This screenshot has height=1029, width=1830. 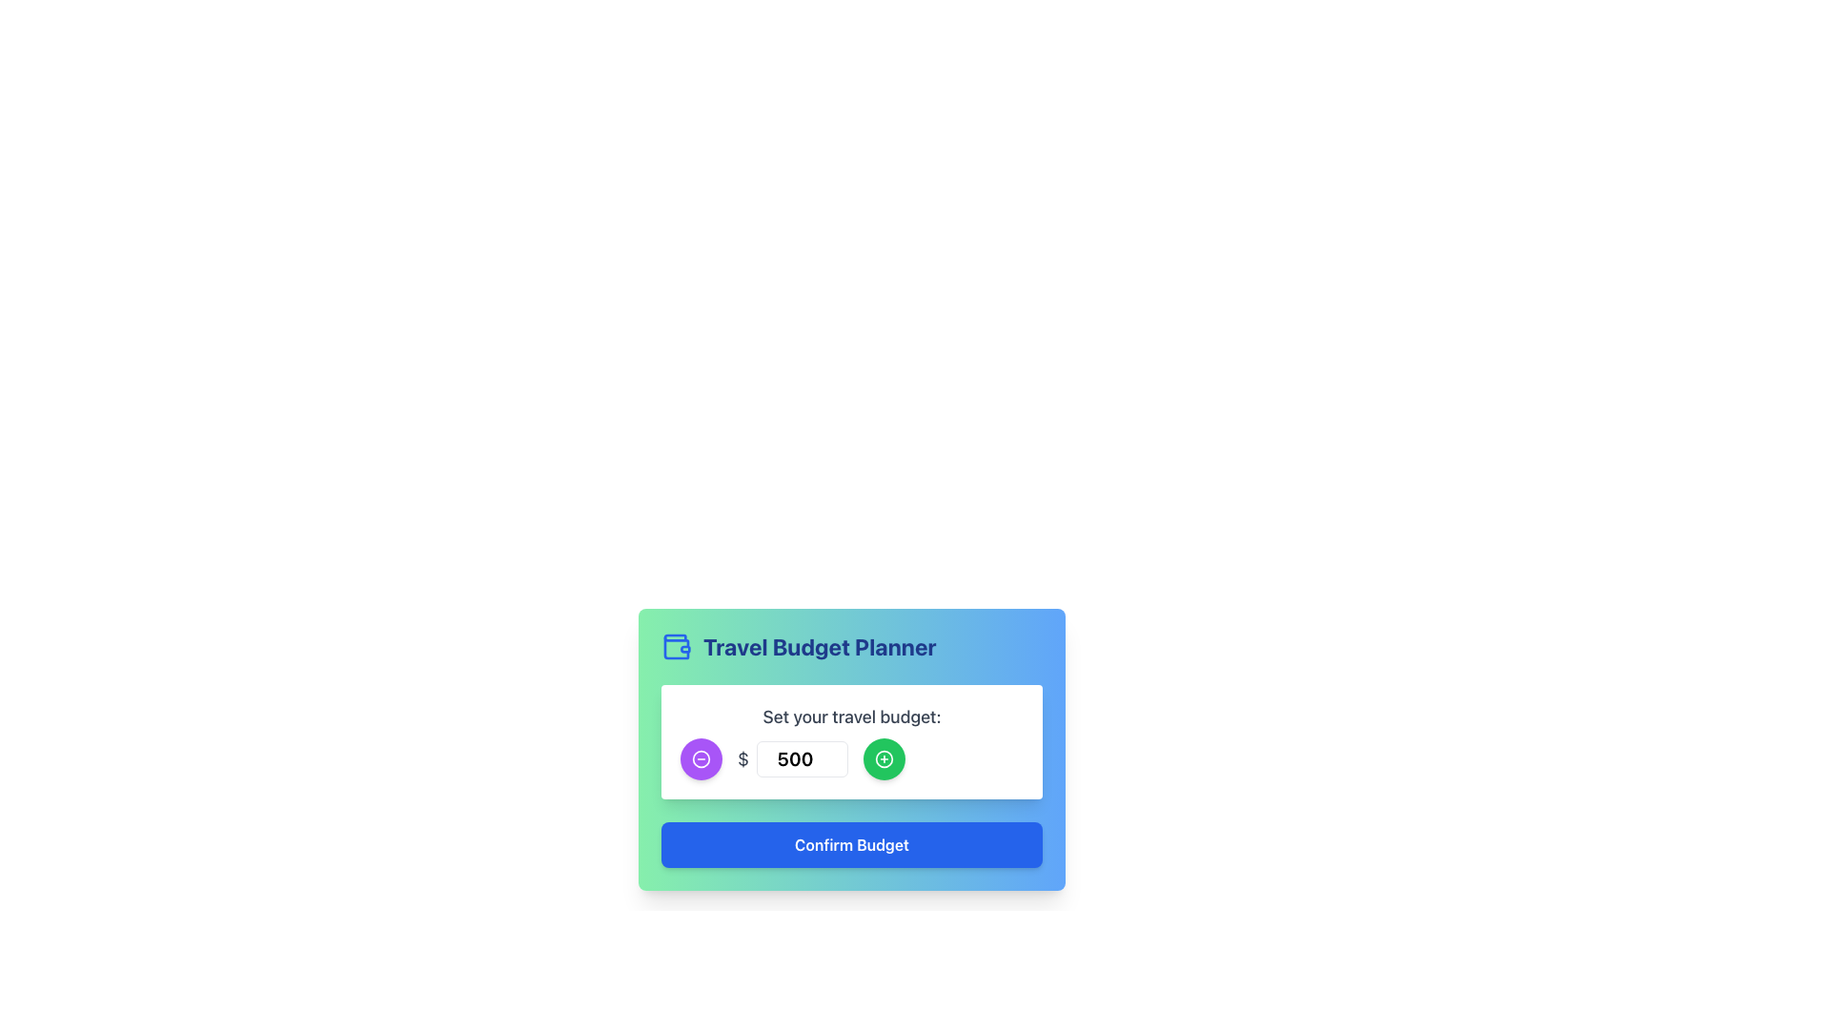 I want to click on the green circular button located to the right of the numeric input field with the value '500' in the 'Travel Budget Planner' interface, so click(x=883, y=758).